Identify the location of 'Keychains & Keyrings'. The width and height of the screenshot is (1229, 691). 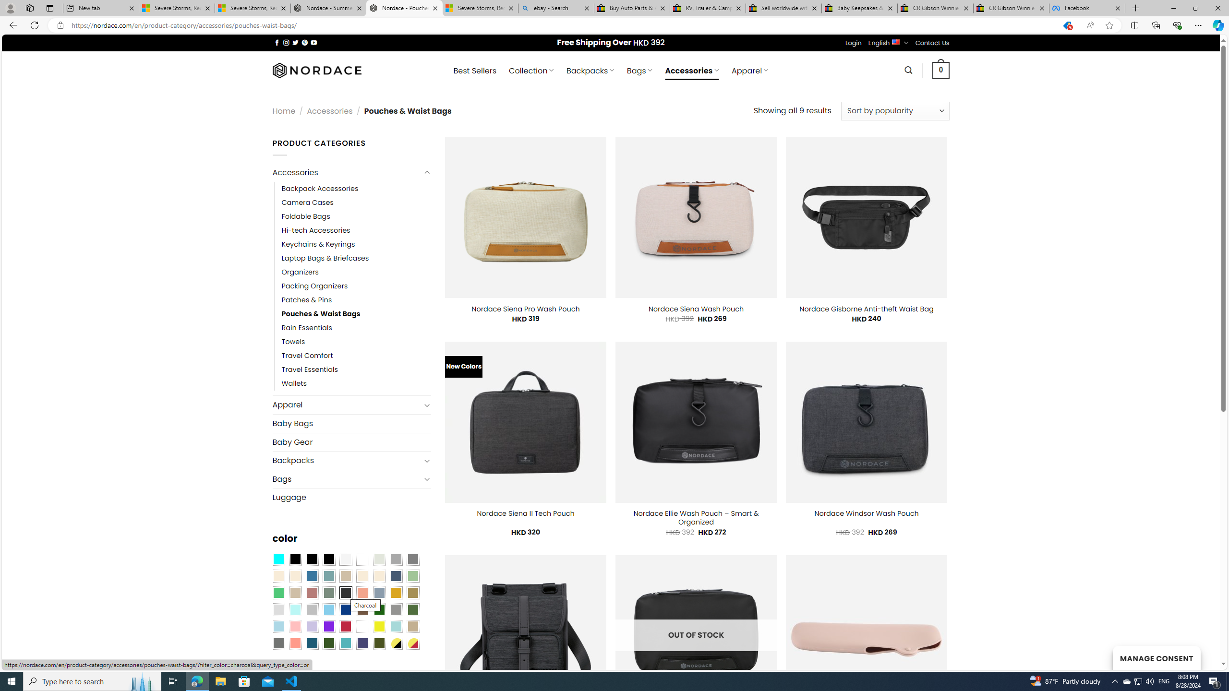
(318, 244).